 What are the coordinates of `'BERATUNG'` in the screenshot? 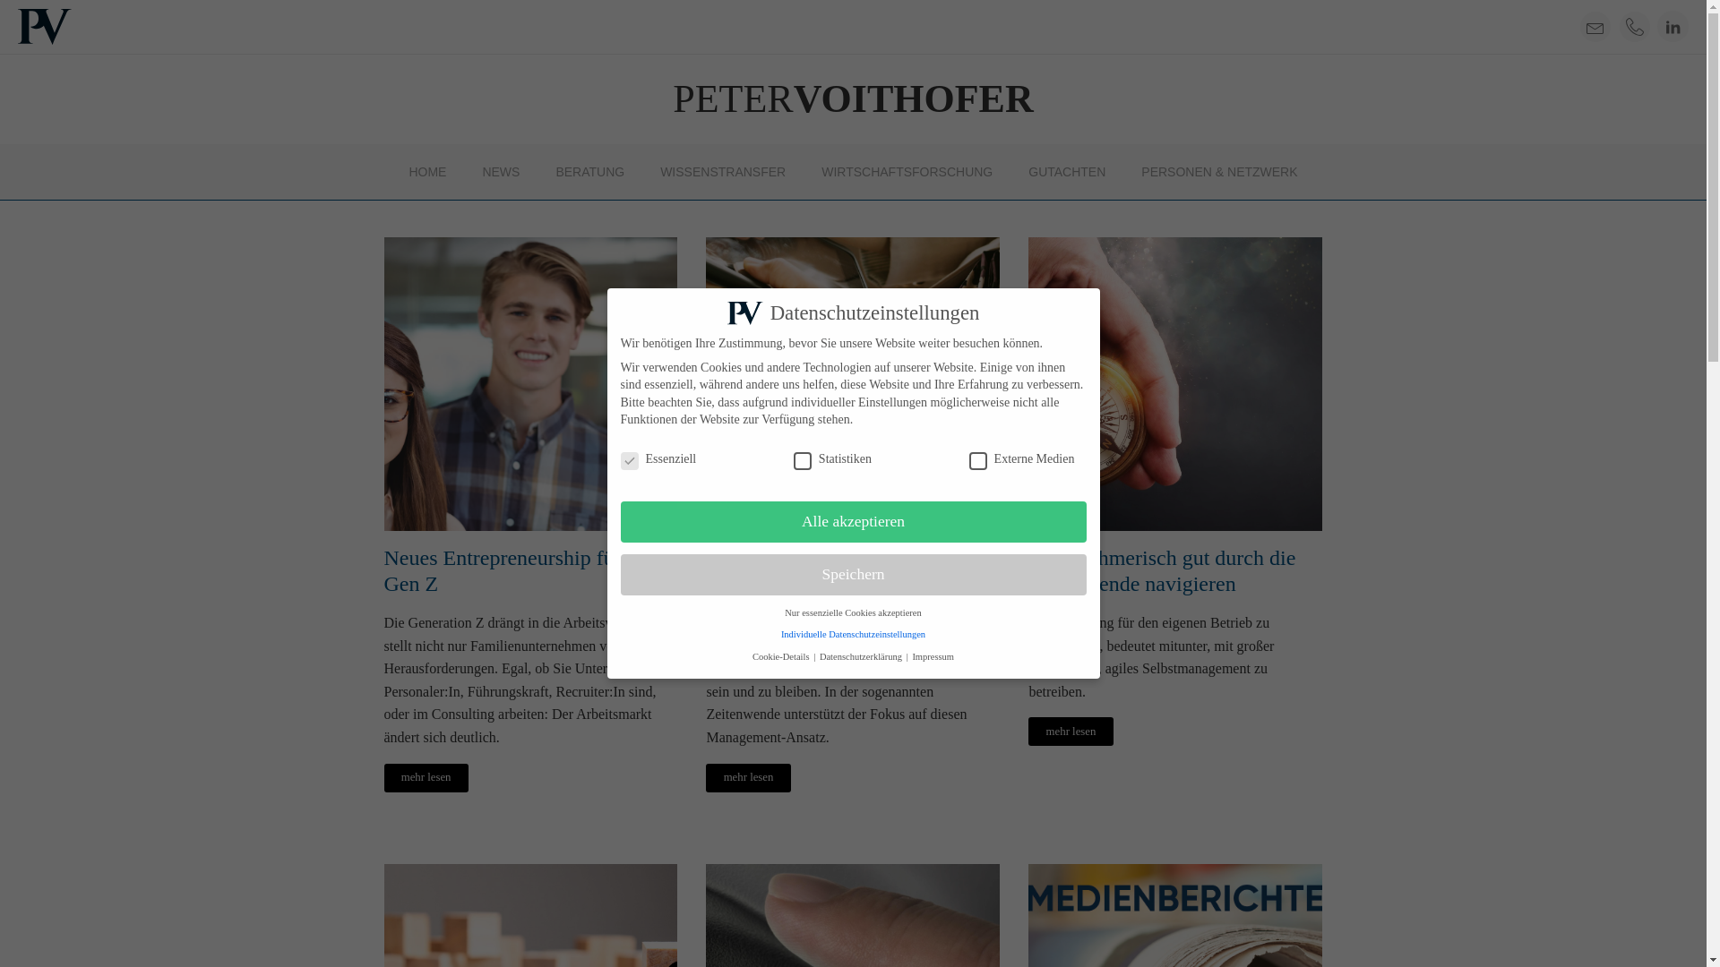 It's located at (589, 172).